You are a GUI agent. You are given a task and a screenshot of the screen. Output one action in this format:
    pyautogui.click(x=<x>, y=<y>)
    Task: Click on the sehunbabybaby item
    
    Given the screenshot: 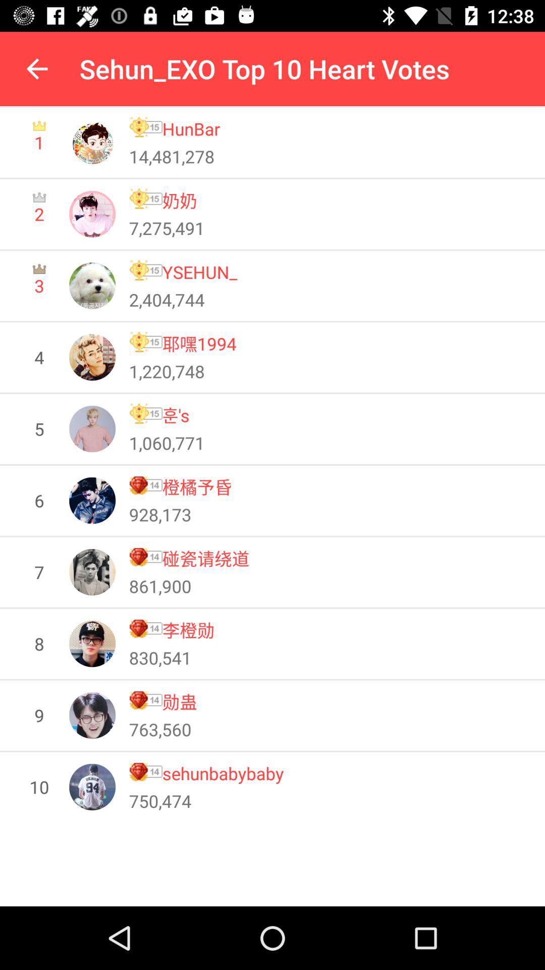 What is the action you would take?
    pyautogui.click(x=223, y=772)
    